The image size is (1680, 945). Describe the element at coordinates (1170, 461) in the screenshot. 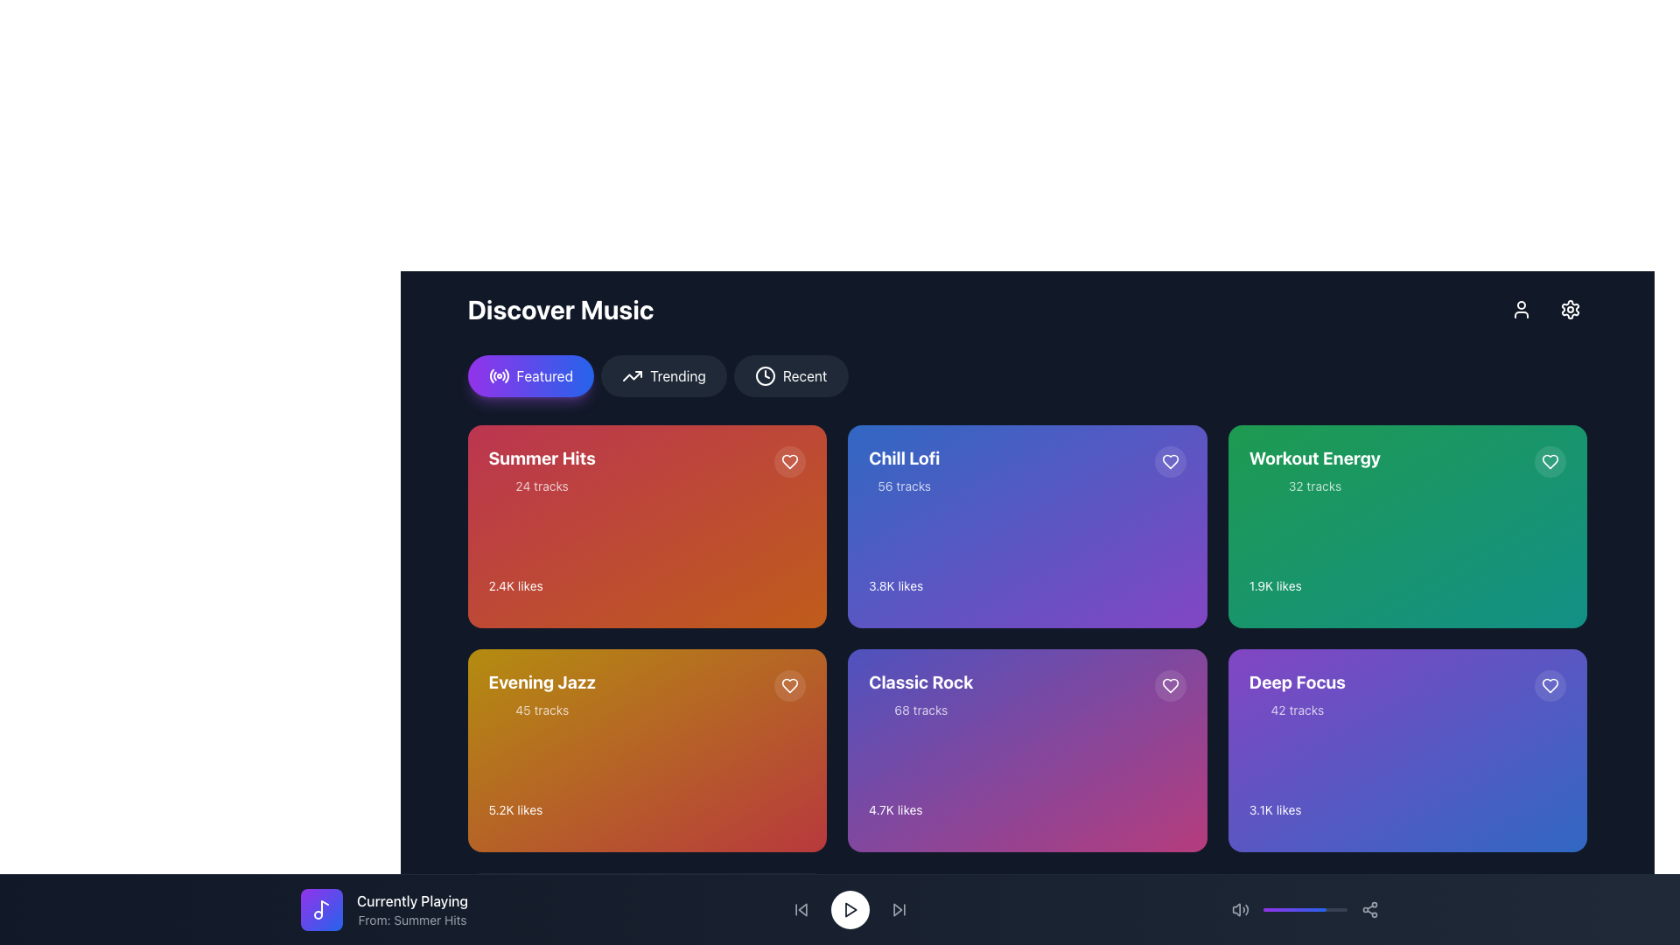

I see `the button in the 'Chill Lofi' music collection card` at that location.